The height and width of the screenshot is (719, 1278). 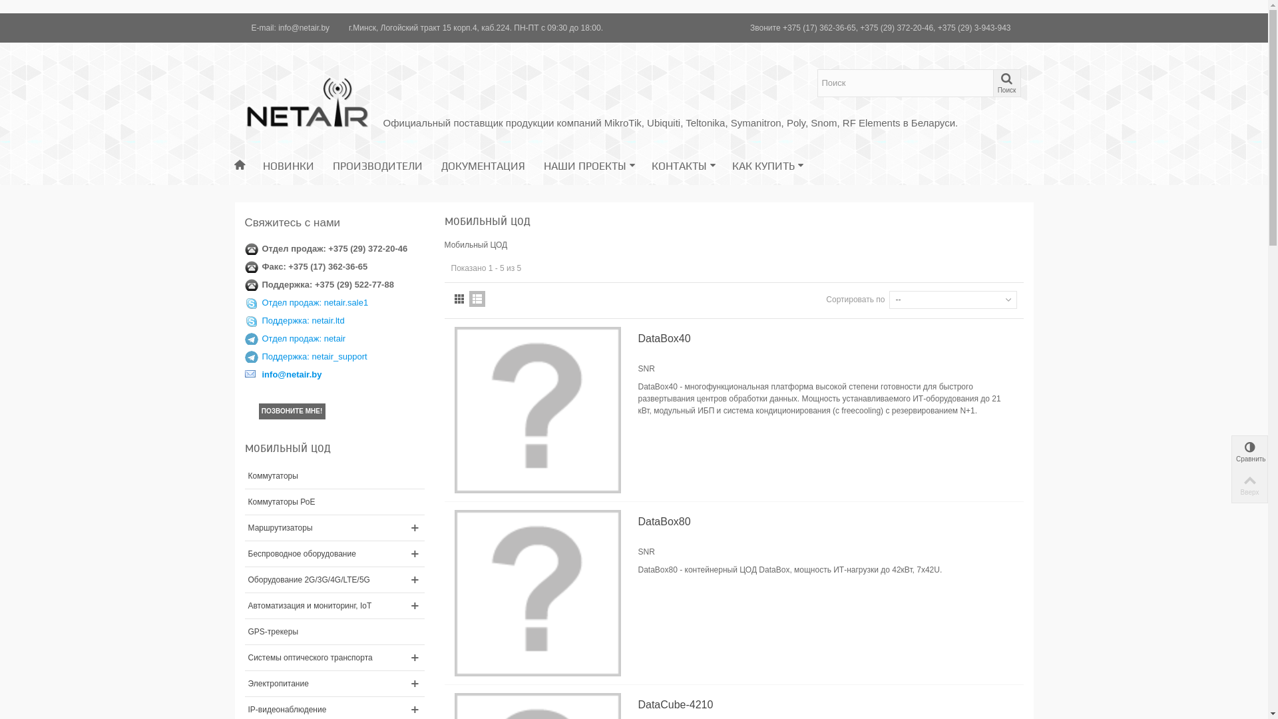 I want to click on 'E-mail: info@netair.by', so click(x=243, y=28).